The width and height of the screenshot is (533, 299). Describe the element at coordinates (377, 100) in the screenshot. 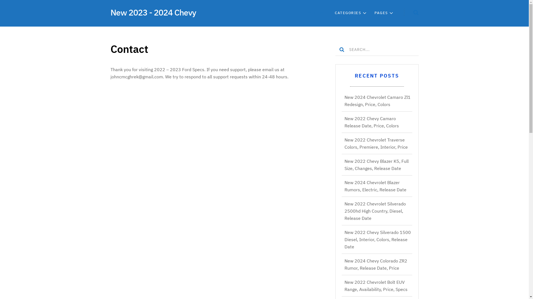

I see `'New 2024 Chevrolet Camaro Zl1 Redesign, Price, Colors'` at that location.